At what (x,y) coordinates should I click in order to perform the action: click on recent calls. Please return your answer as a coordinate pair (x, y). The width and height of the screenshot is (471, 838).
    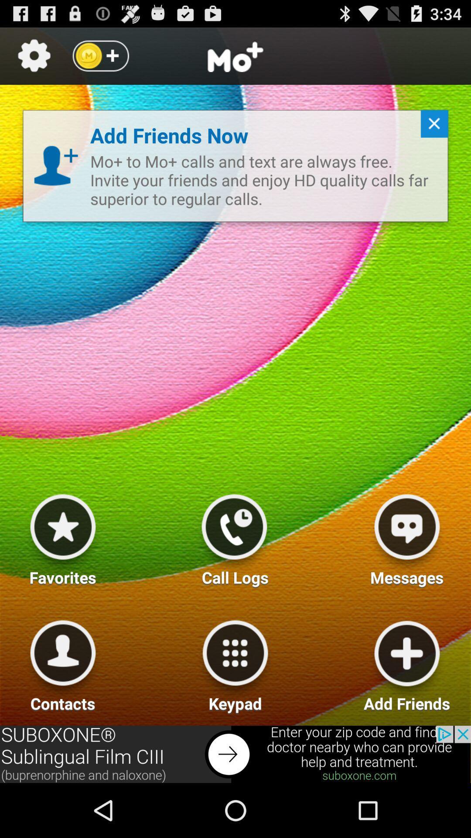
    Looking at the image, I should click on (234, 536).